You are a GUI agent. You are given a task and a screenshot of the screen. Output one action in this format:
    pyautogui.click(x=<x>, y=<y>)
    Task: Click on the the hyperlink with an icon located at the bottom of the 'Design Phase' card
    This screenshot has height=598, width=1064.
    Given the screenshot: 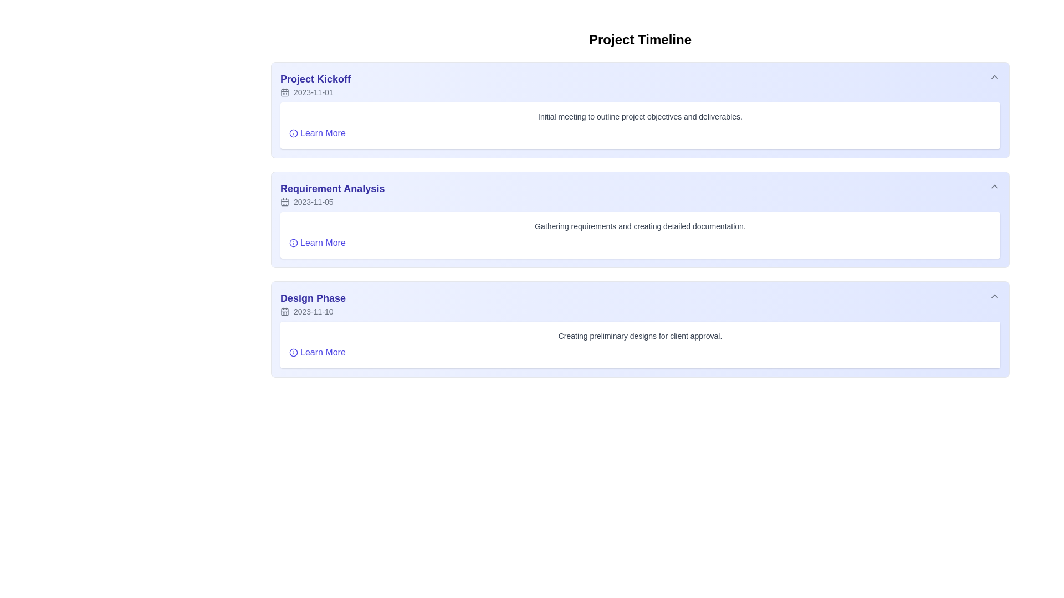 What is the action you would take?
    pyautogui.click(x=316, y=352)
    